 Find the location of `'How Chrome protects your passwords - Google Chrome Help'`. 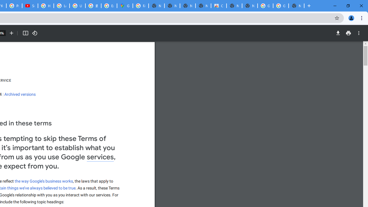

'How Chrome protects your passwords - Google Chrome Help' is located at coordinates (45, 6).